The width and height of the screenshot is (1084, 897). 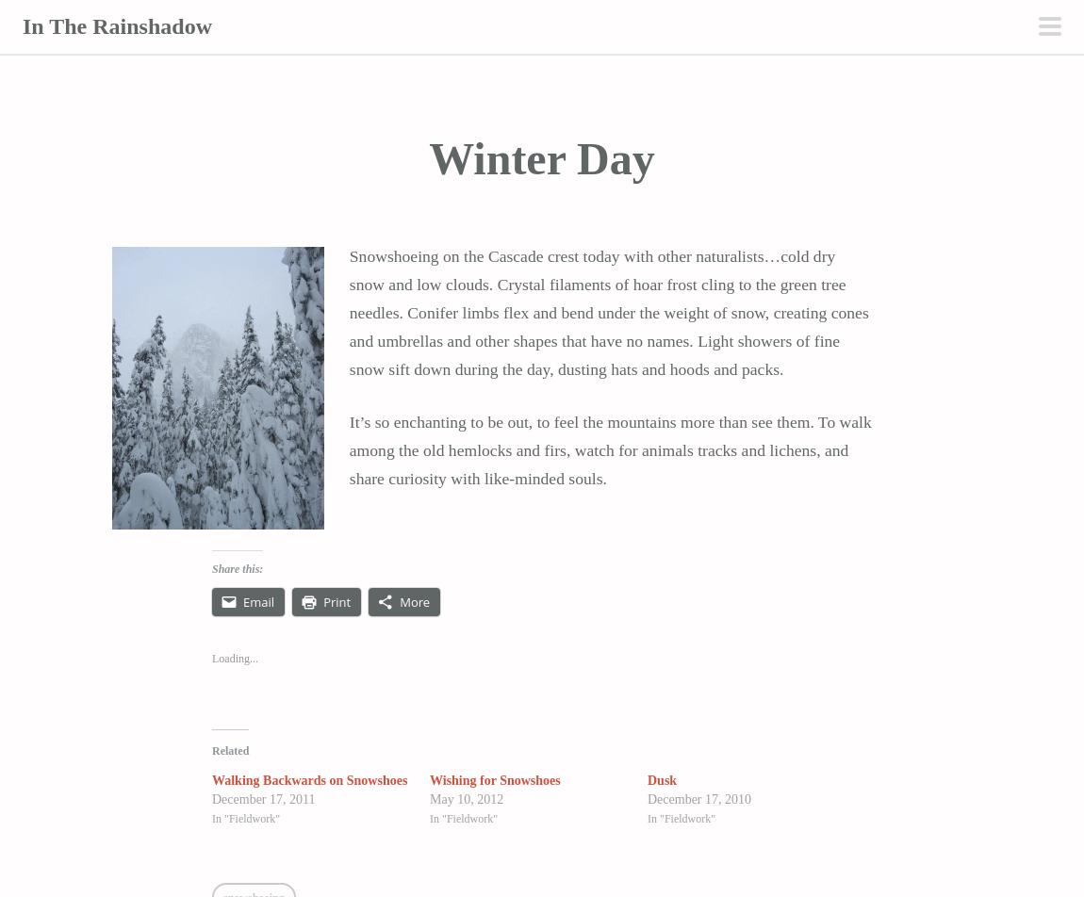 I want to click on 'Snowshoeing on the Cascade crest today with other naturalists…cold dry snow and low clouds. Crystal filaments of hoar frost cling to the green tree needles. Conifer limbs flex and bend under the weight of snow, creating cones and umbrellas and other shapes that have no names. Light showers of fine snow sift down during the day, dusting hats and hoods and packs.', so click(x=607, y=312).